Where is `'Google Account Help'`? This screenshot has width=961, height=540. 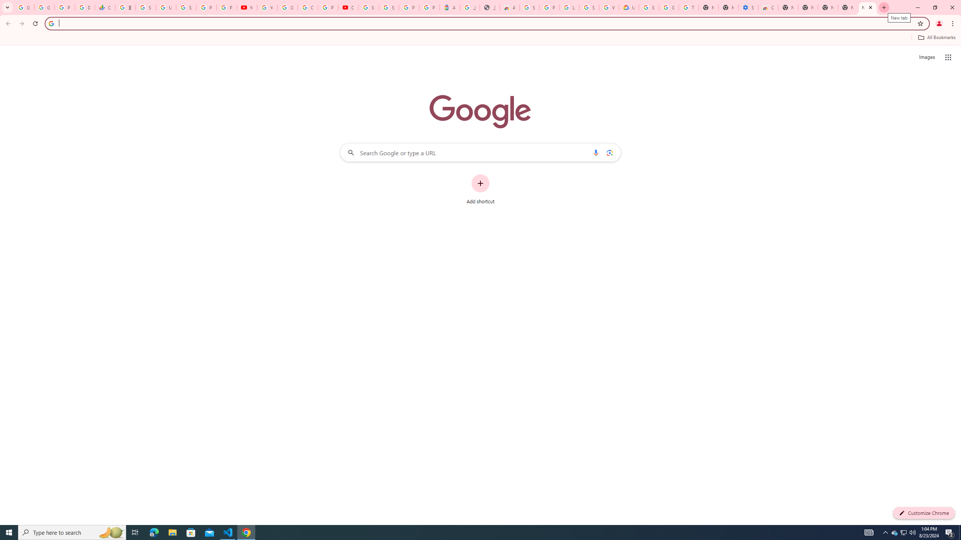
'Google Account Help' is located at coordinates (287, 7).